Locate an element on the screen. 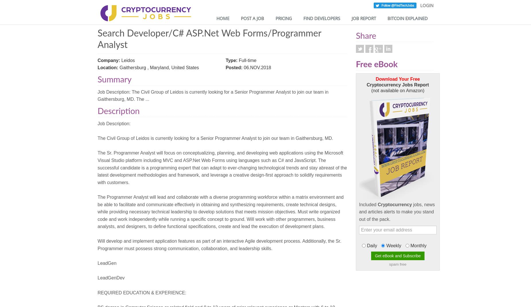 This screenshot has width=531, height=307. 'spam free' is located at coordinates (388, 264).